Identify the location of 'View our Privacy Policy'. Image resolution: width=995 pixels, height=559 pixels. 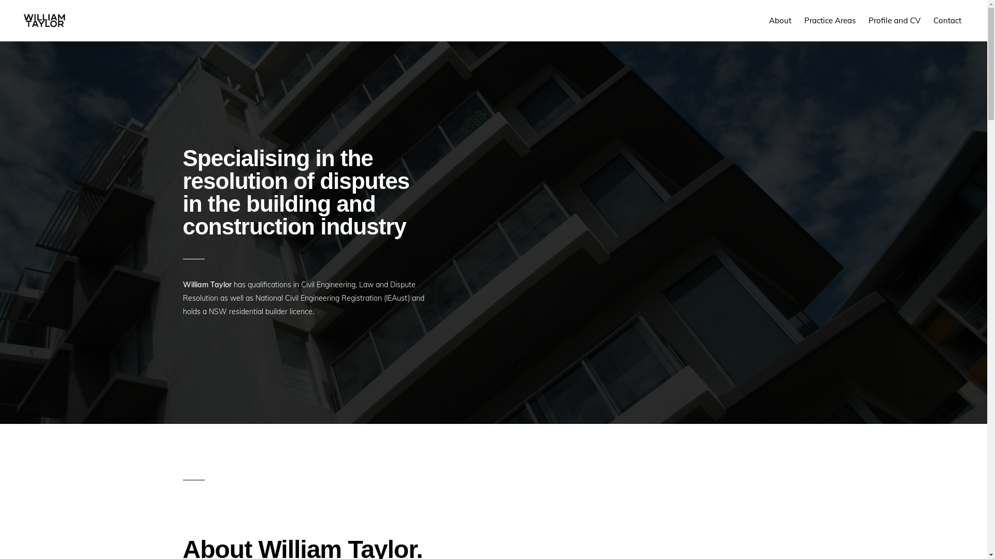
(538, 535).